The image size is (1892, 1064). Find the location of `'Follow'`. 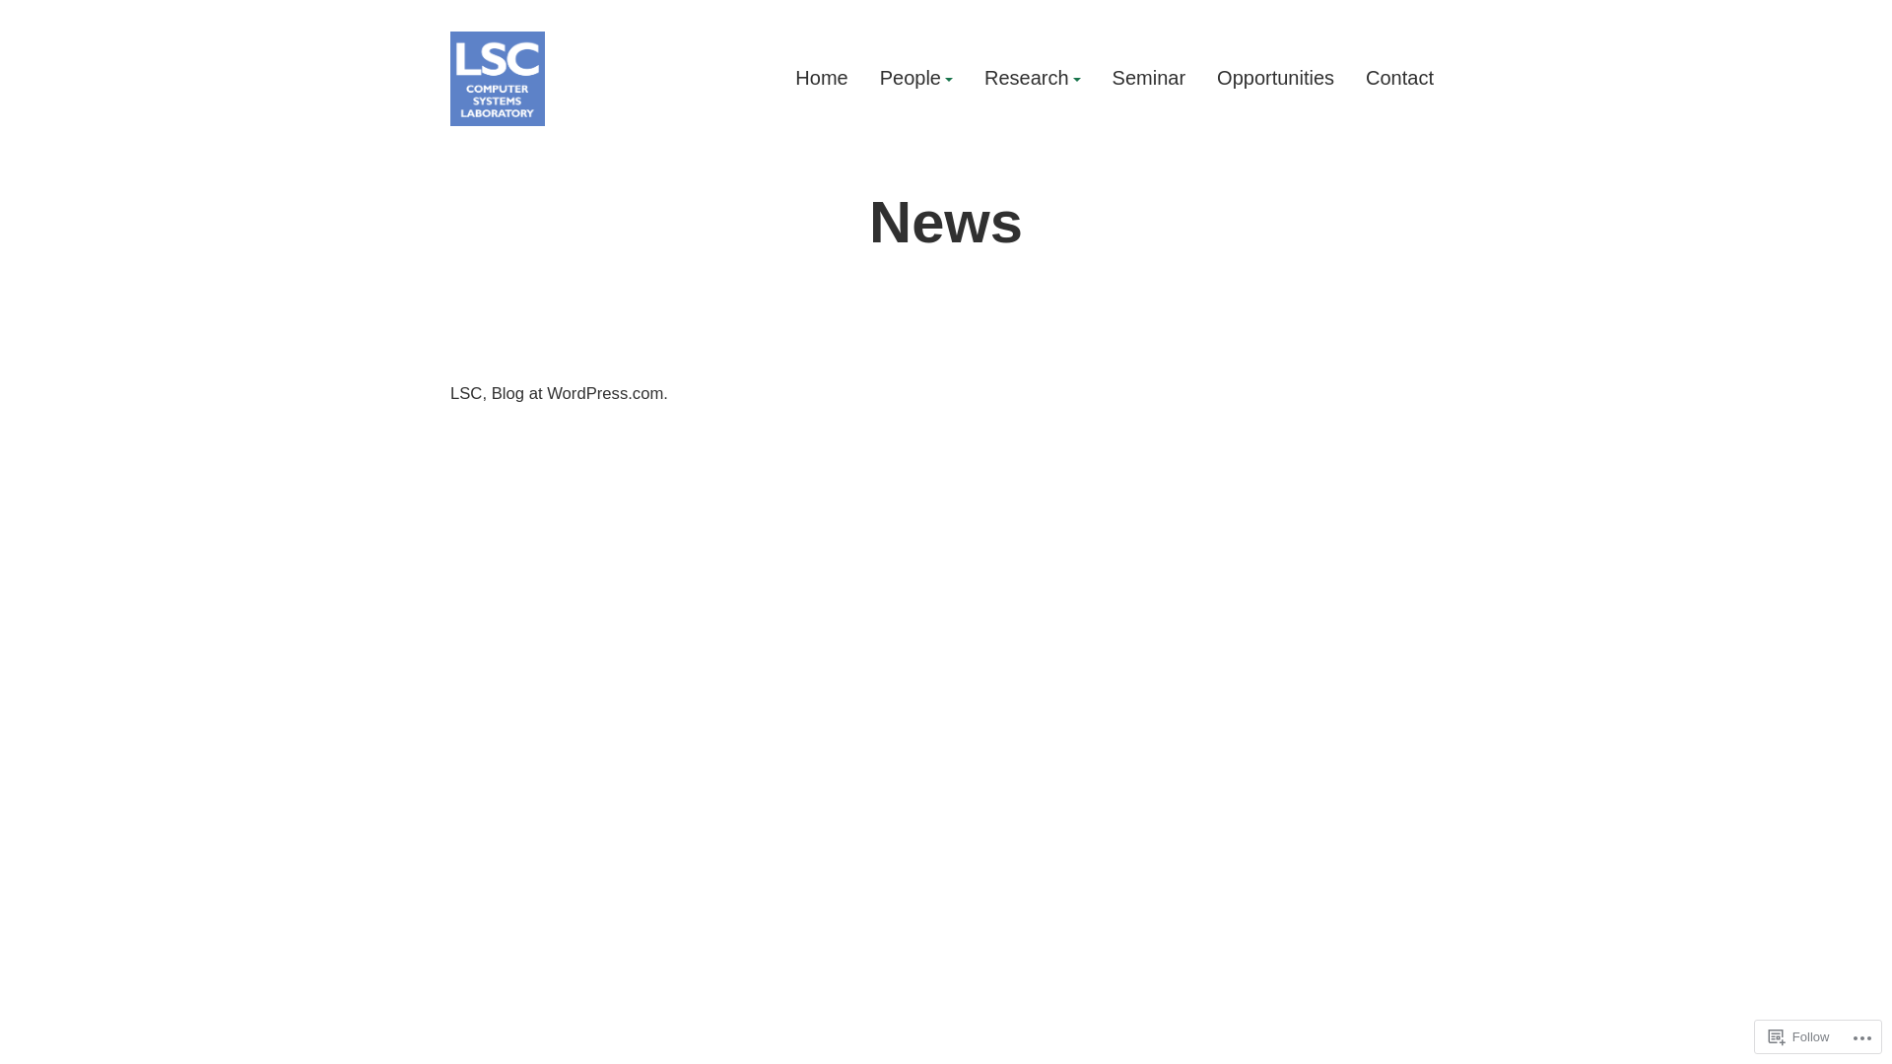

'Follow' is located at coordinates (1798, 1035).